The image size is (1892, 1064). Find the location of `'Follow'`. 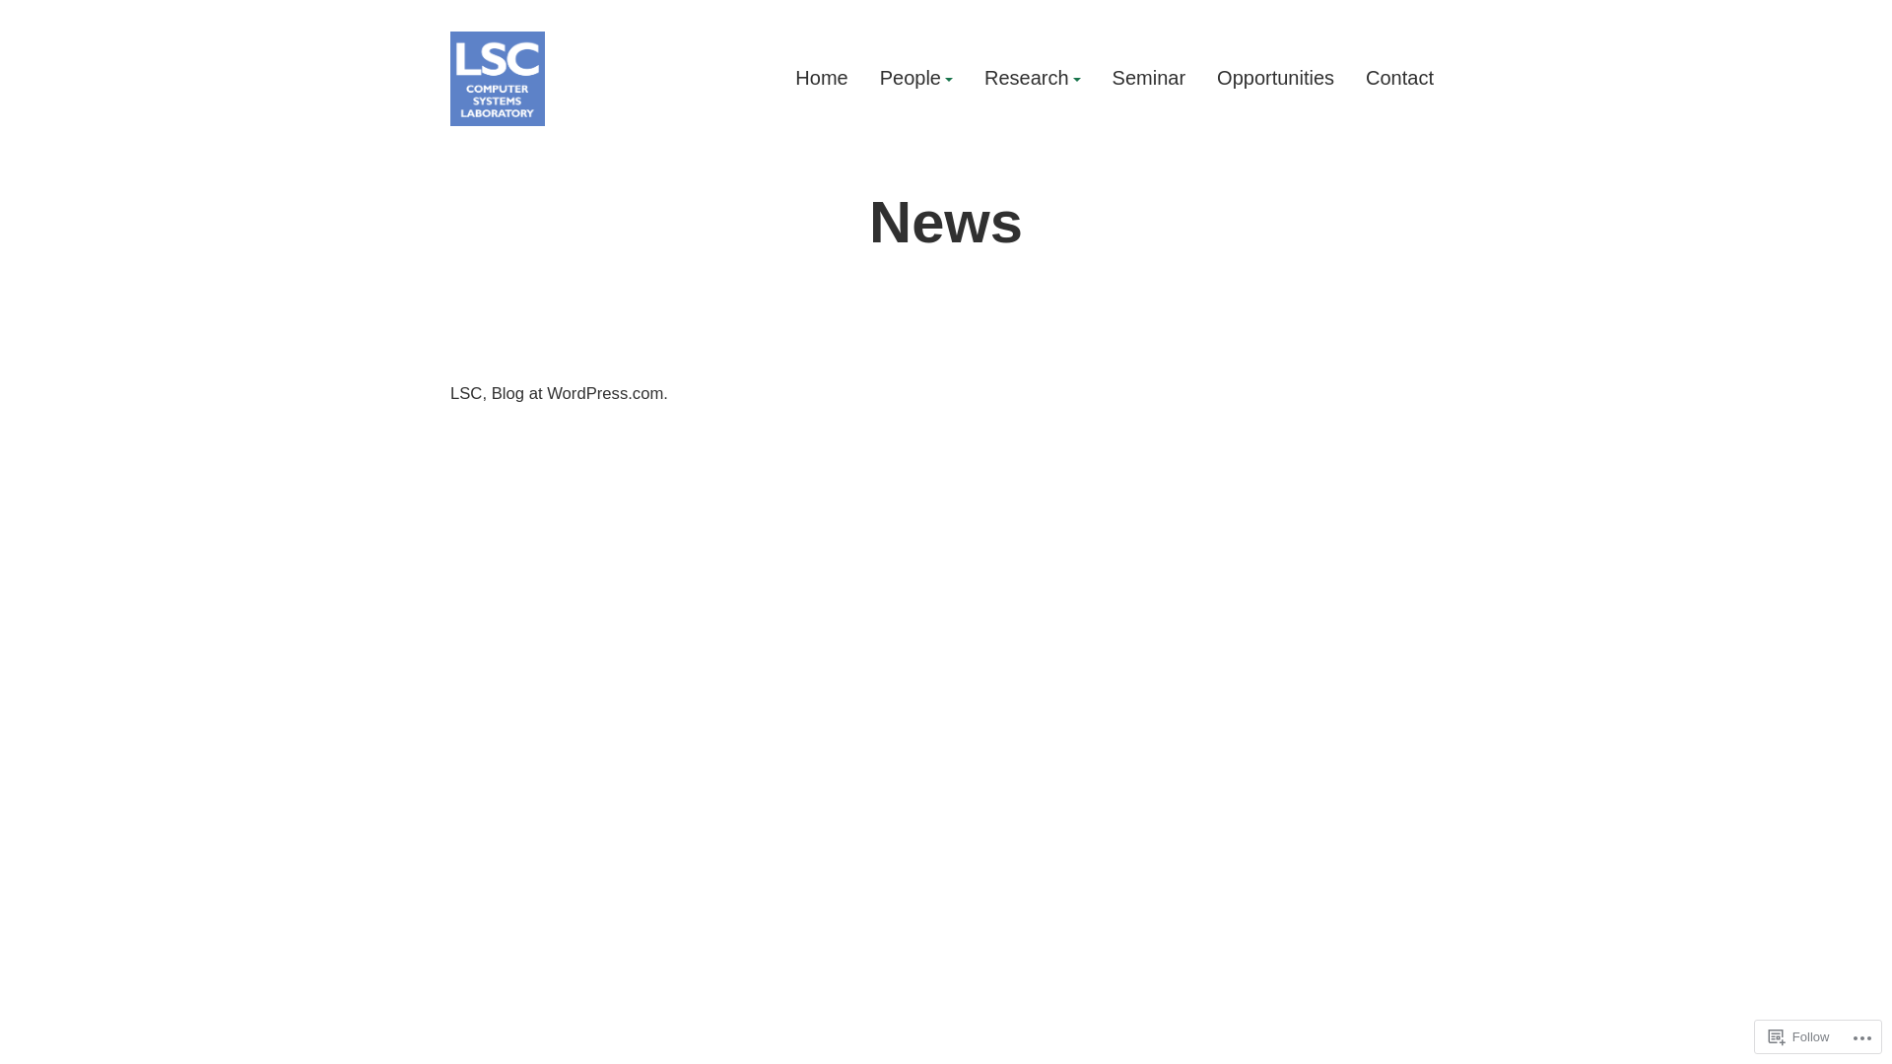

'Follow' is located at coordinates (1798, 1035).